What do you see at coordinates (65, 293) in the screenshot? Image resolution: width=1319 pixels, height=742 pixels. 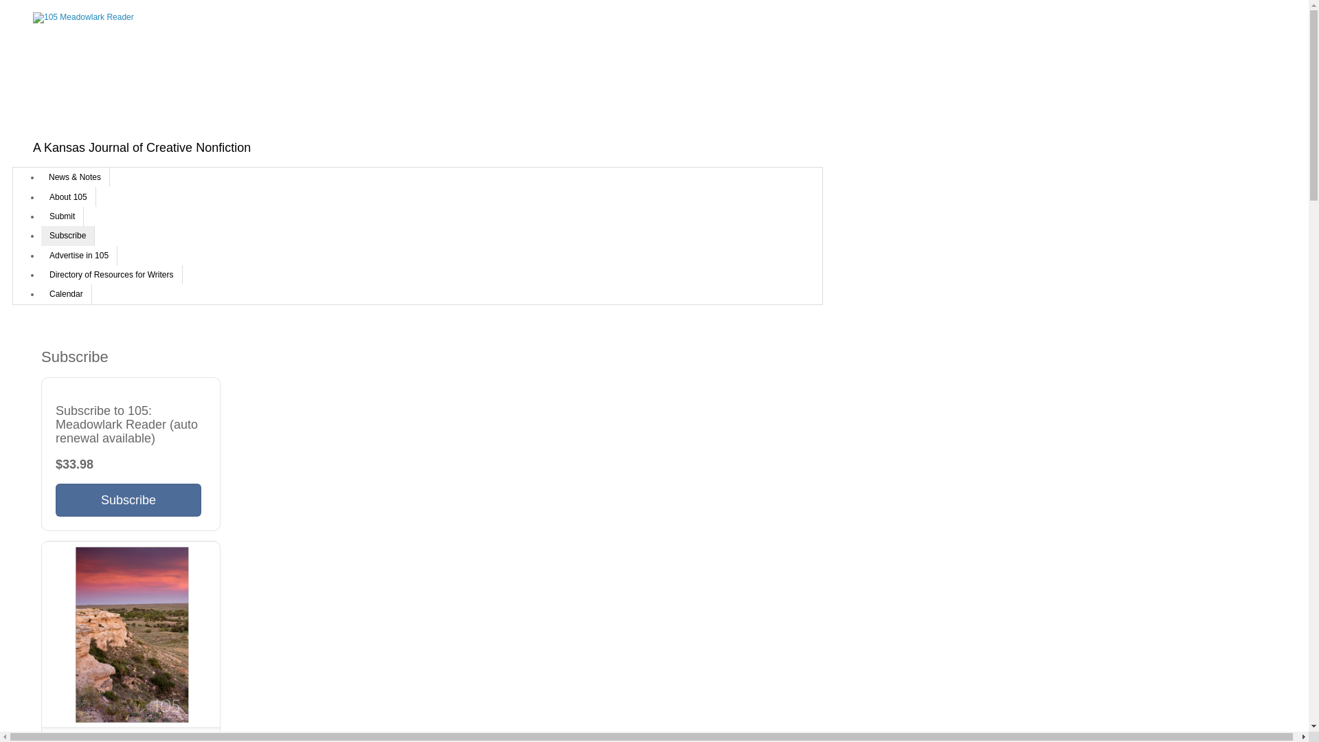 I see `'Calendar'` at bounding box center [65, 293].